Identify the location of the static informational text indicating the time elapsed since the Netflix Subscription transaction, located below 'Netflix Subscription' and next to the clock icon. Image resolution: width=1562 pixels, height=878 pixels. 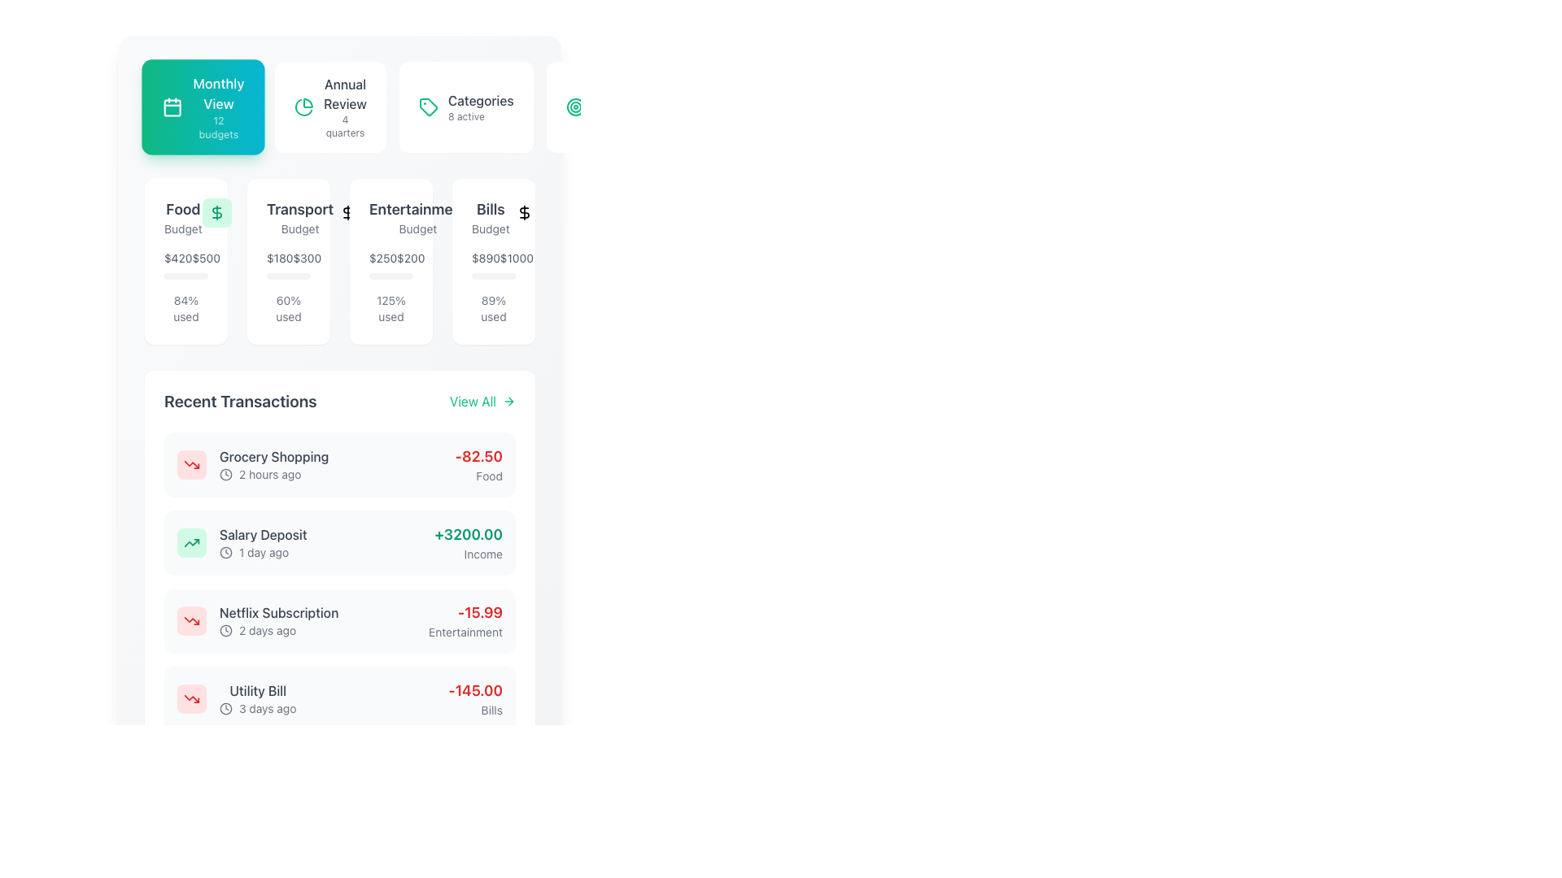
(279, 629).